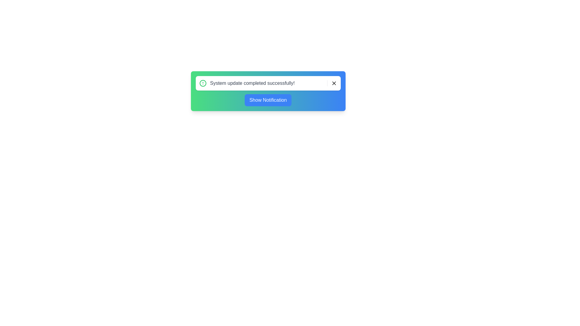 This screenshot has width=580, height=326. I want to click on the notification message that indicates 'System update completed successfully!' which includes a green alert icon on its left, so click(249, 83).